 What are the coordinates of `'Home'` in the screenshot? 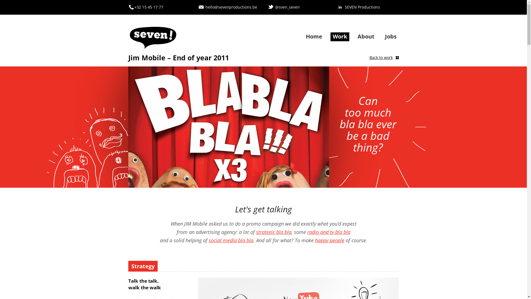 It's located at (314, 36).